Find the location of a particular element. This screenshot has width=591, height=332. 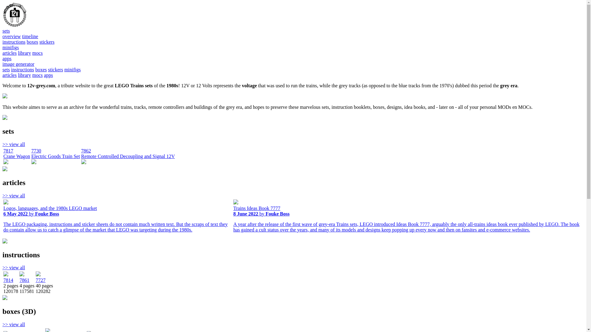

'image generator' is located at coordinates (18, 64).